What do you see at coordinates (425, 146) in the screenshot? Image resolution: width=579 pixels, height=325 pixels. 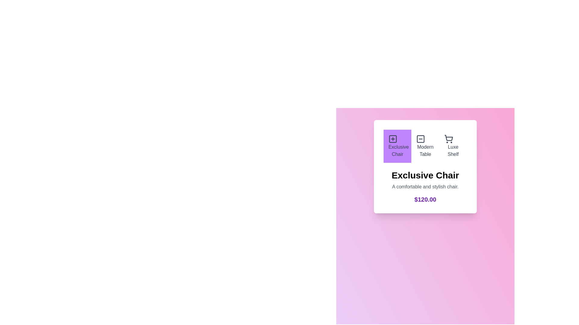 I see `the button corresponding to the product Modern Table` at bounding box center [425, 146].